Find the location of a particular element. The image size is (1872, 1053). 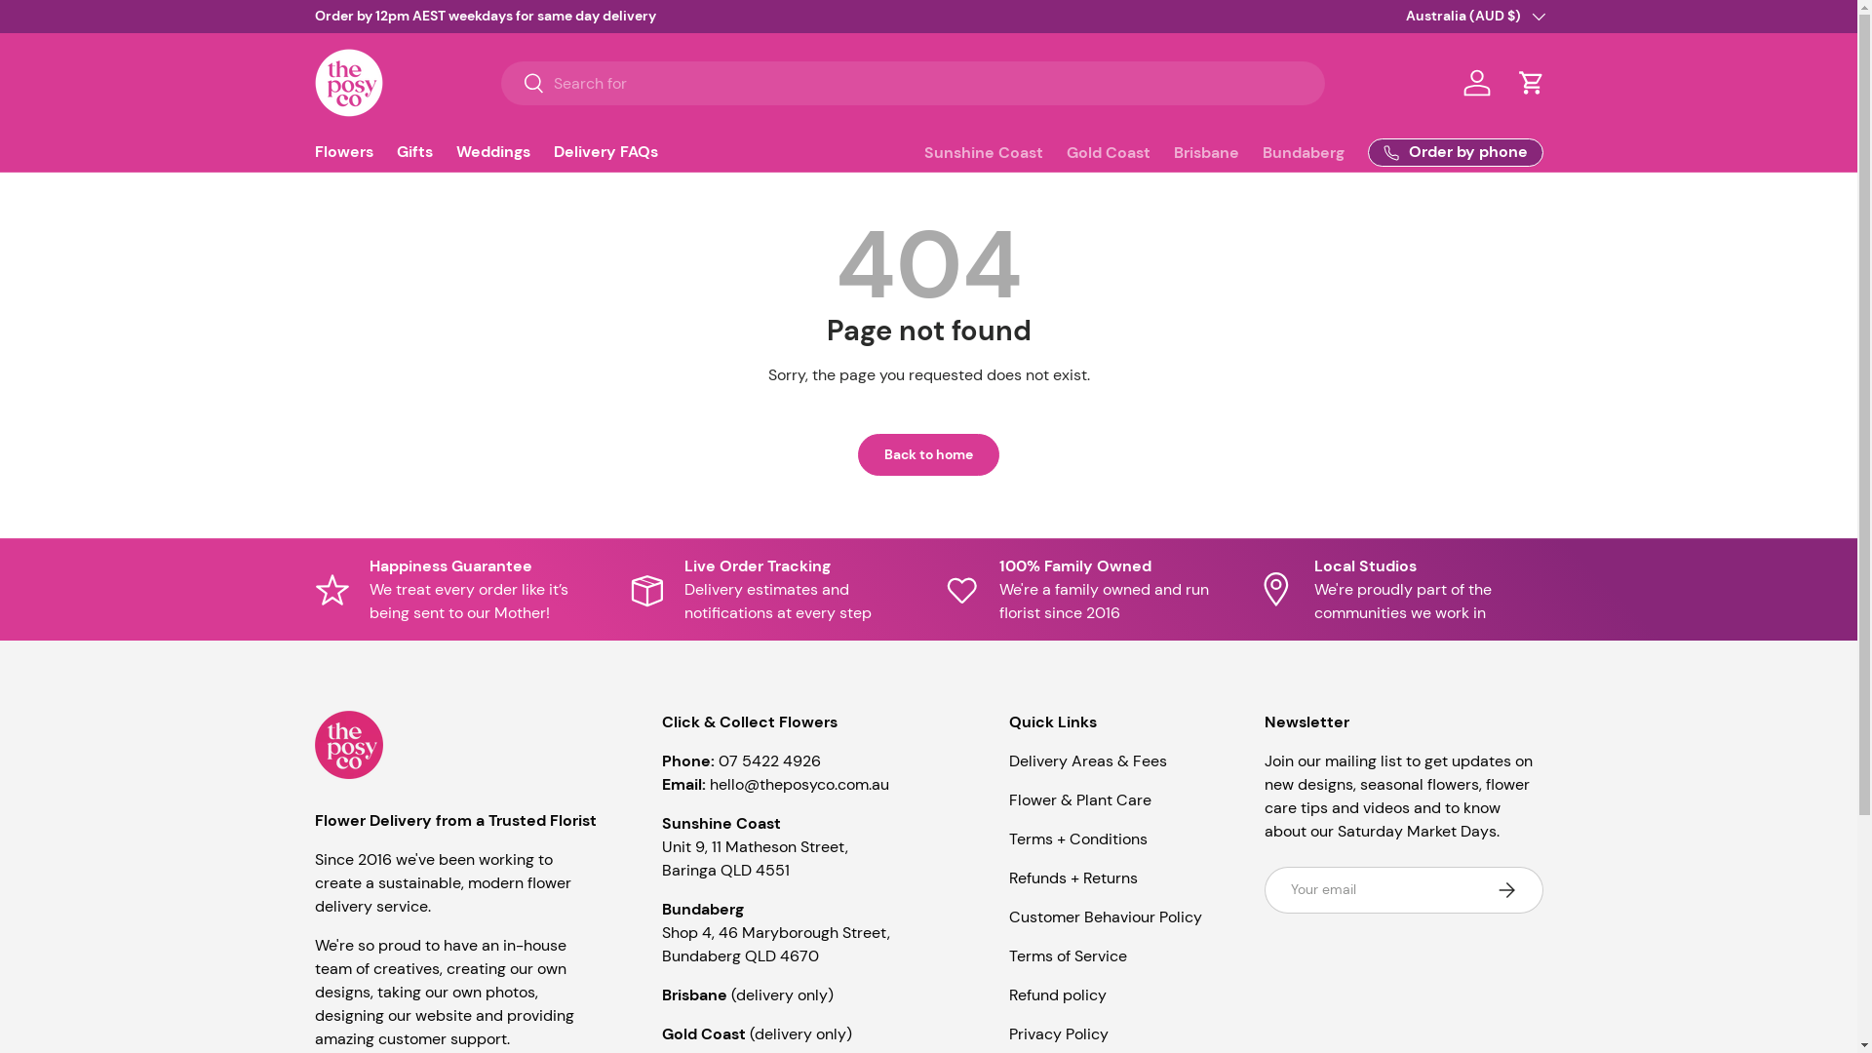

'Subscribe' is located at coordinates (1504, 890).